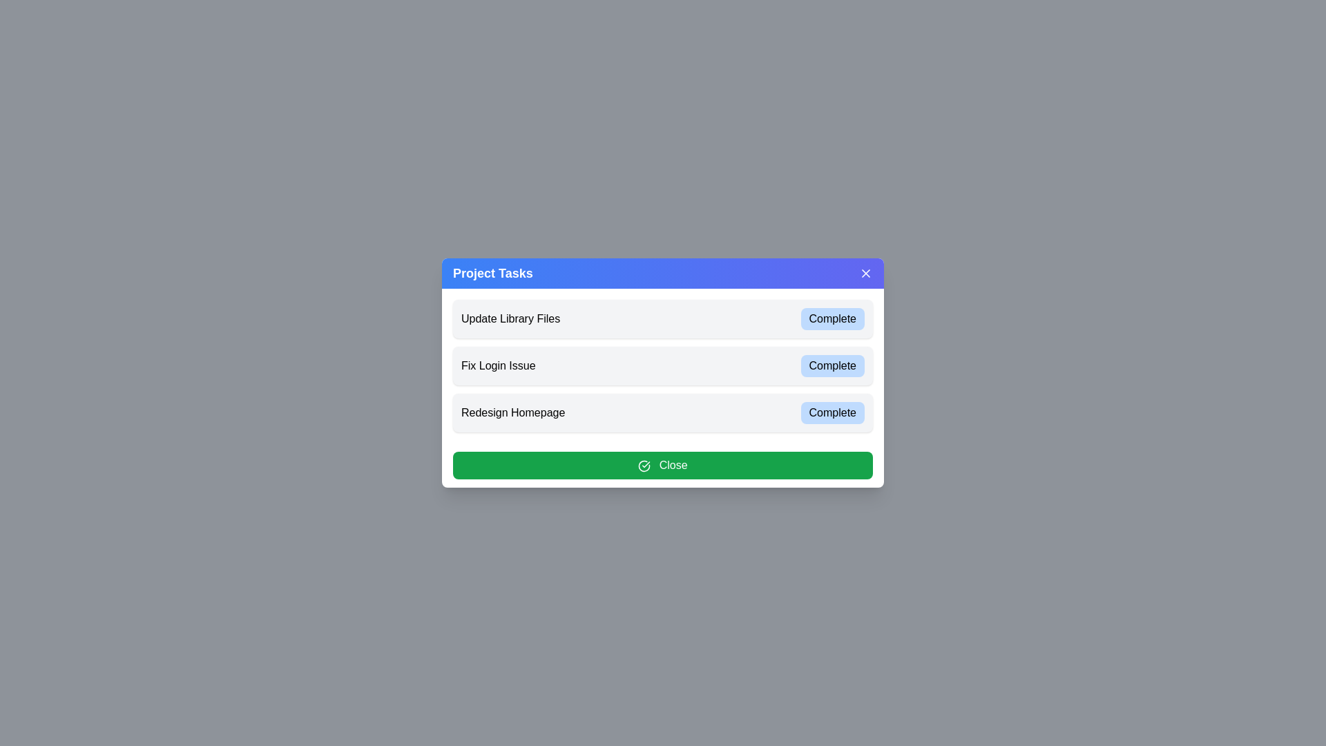 The height and width of the screenshot is (746, 1326). What do you see at coordinates (644, 466) in the screenshot?
I see `the circular icon with a checkmark inside, styled with a green stroke, located inside a green button at the bottom of the dialog window, to the left of the label 'Close'` at bounding box center [644, 466].